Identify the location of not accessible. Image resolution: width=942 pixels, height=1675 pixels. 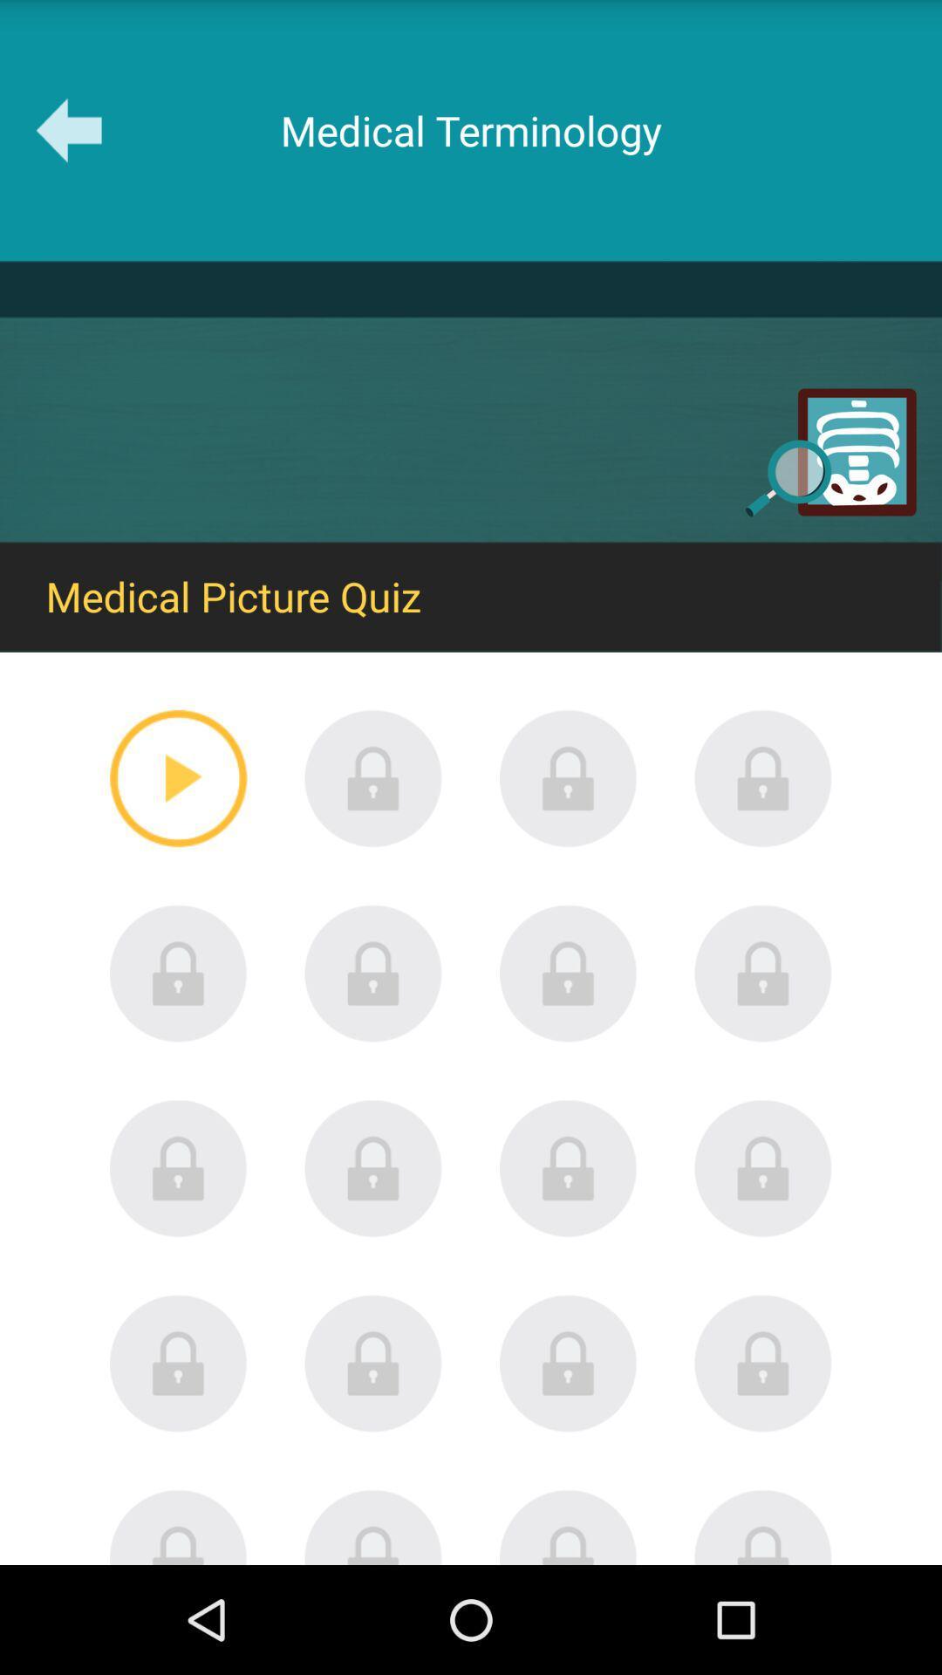
(568, 973).